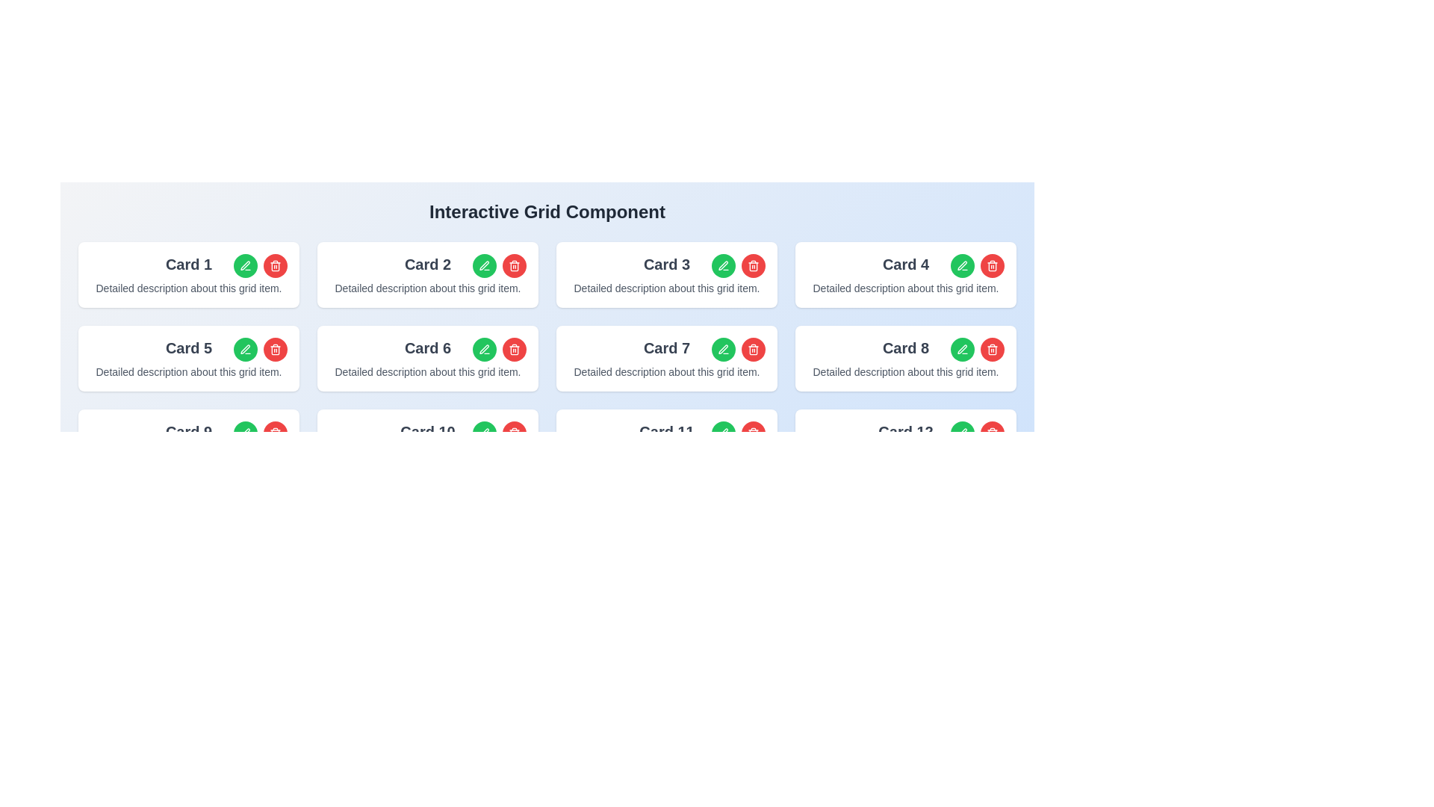 This screenshot has height=807, width=1434. Describe the element at coordinates (484, 265) in the screenshot. I see `the edit icon within the edit button of 'Card 2' located in the second column of the first row` at that location.